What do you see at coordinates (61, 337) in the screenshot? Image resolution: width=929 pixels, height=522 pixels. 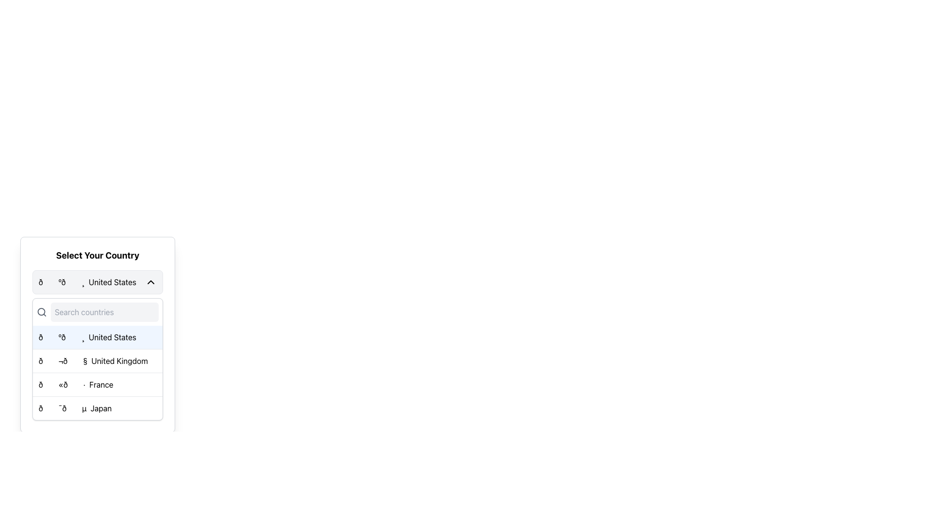 I see `the decorative emoji icon that represents the country 'United States' in the country selection list, located at the leading position of the row labeled 'United States'` at bounding box center [61, 337].